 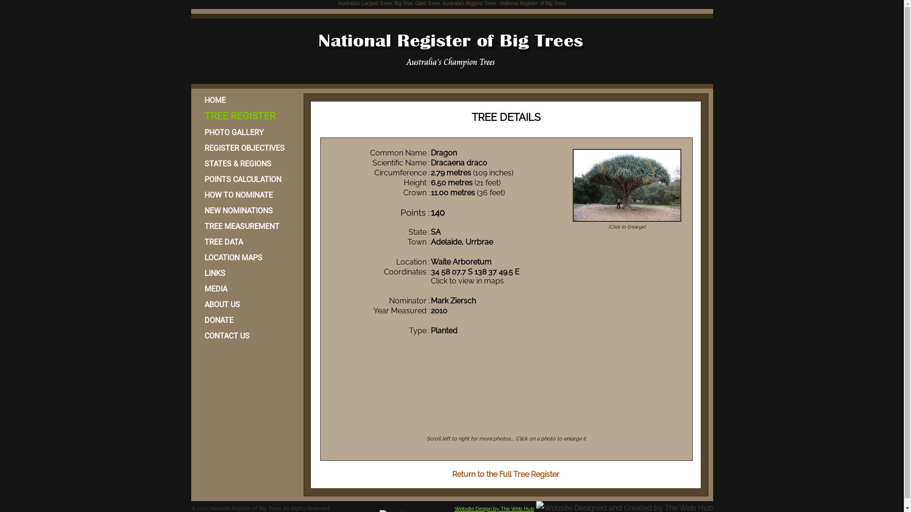 What do you see at coordinates (195, 288) in the screenshot?
I see `'MEDIA'` at bounding box center [195, 288].